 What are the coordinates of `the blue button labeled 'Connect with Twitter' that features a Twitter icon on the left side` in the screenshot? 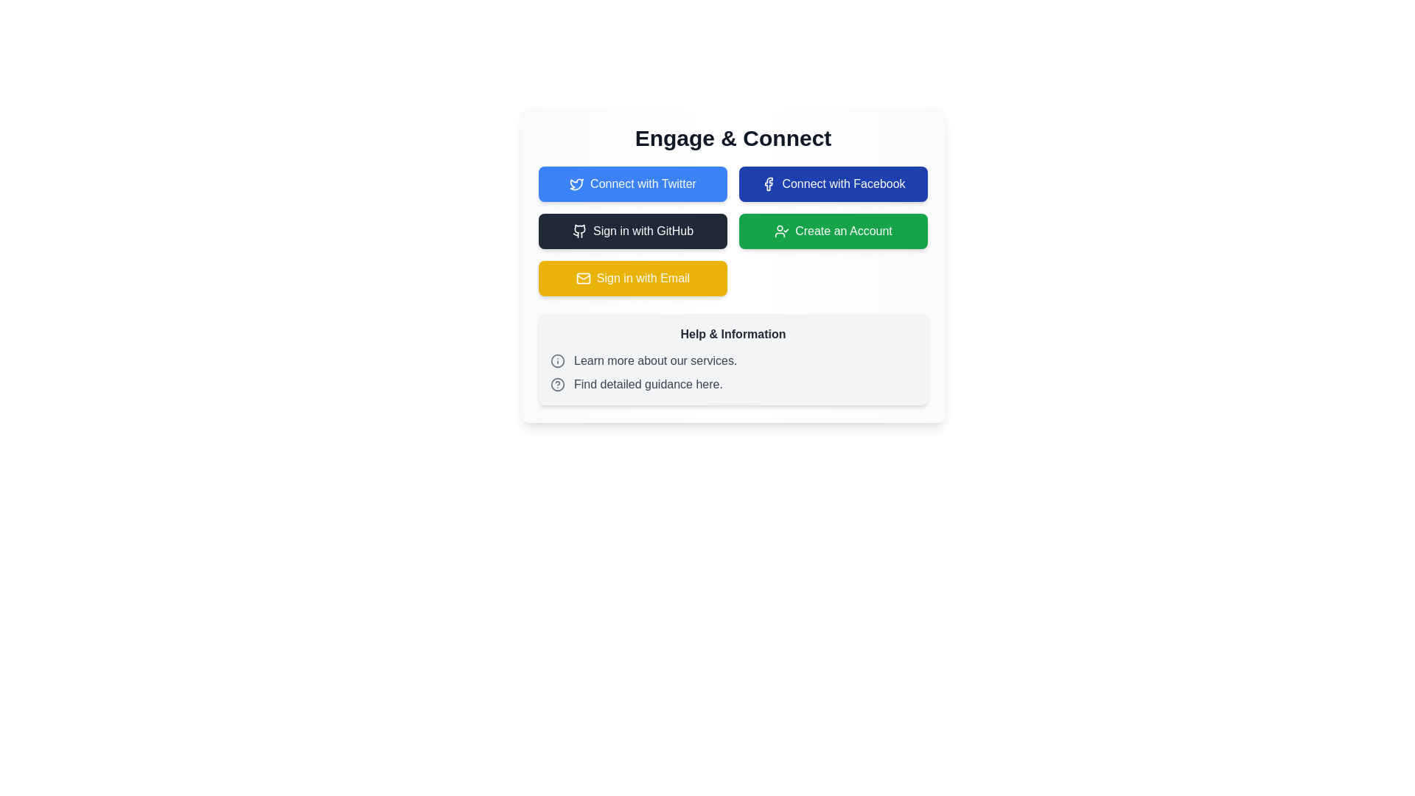 It's located at (633, 184).